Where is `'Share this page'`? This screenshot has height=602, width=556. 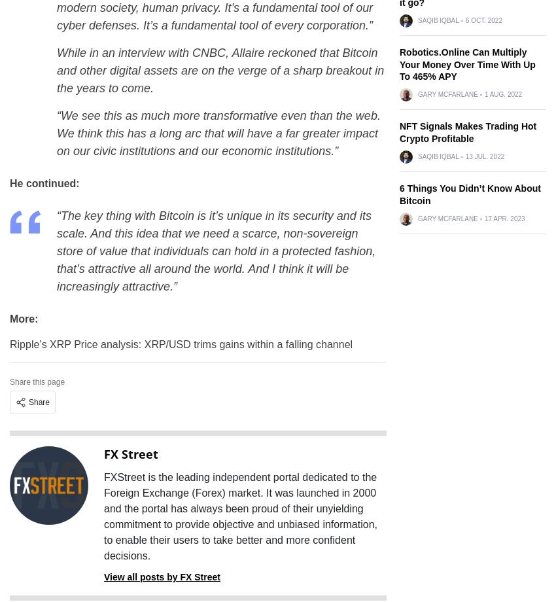
'Share this page' is located at coordinates (9, 381).